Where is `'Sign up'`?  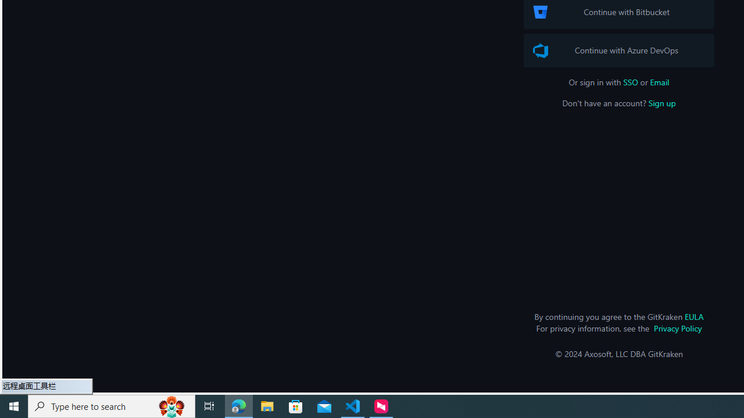 'Sign up' is located at coordinates (662, 102).